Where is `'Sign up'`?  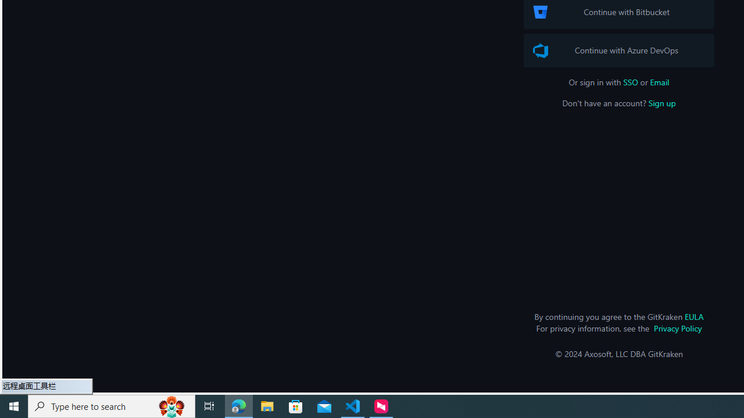 'Sign up' is located at coordinates (662, 102).